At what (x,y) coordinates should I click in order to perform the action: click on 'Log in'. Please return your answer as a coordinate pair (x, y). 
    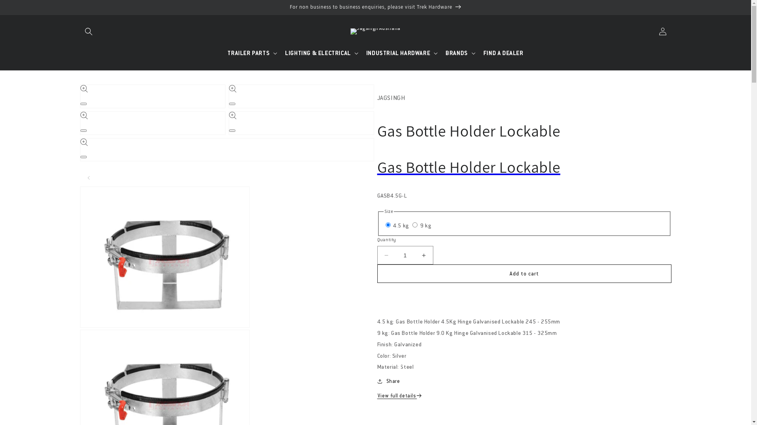
    Looking at the image, I should click on (662, 31).